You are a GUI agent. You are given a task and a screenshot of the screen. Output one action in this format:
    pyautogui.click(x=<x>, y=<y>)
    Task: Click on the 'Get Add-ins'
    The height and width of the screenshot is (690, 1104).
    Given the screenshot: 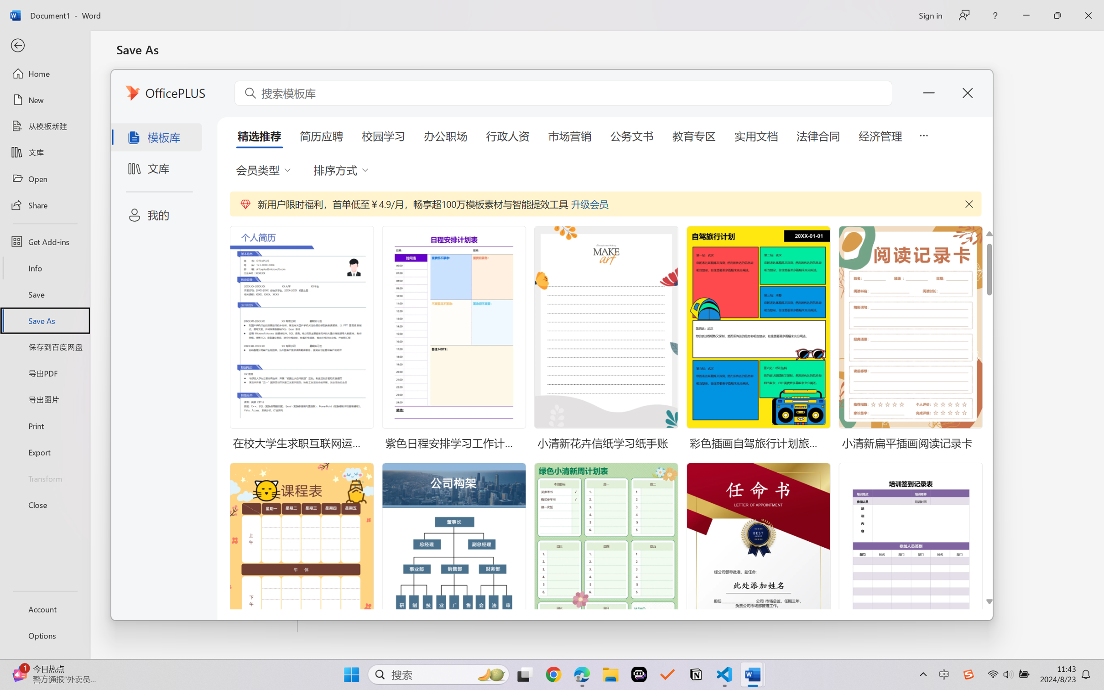 What is the action you would take?
    pyautogui.click(x=44, y=241)
    